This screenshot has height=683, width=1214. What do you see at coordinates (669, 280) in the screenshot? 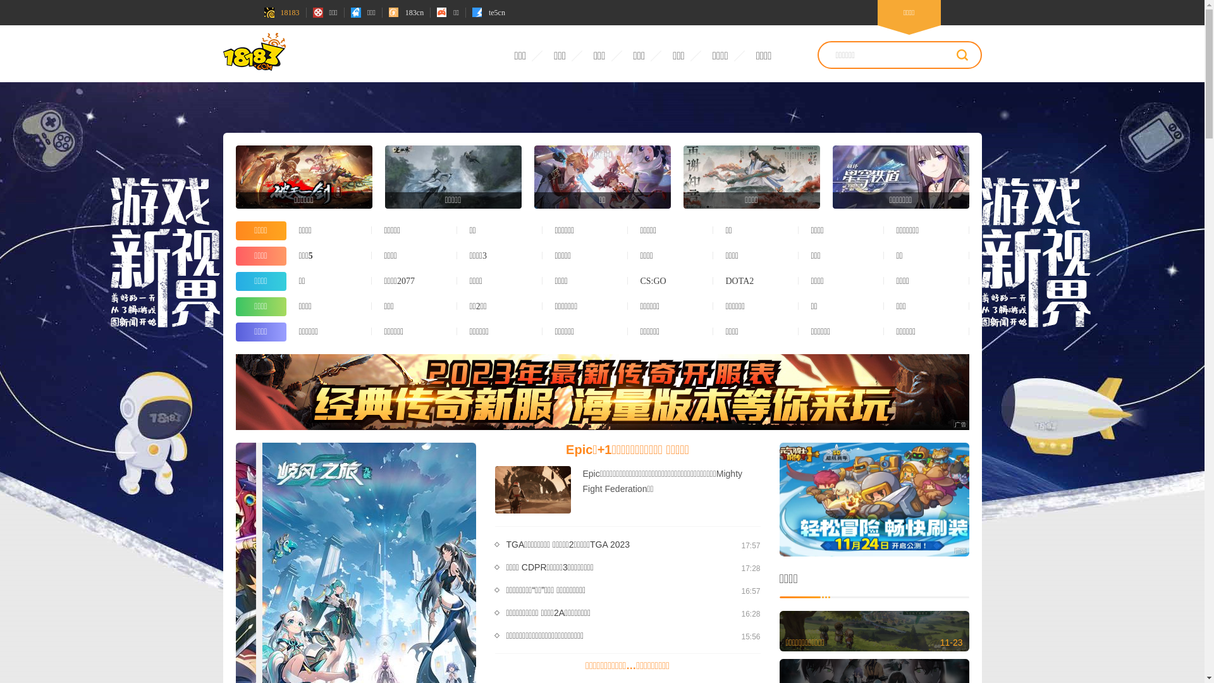
I see `'CS:GO'` at bounding box center [669, 280].